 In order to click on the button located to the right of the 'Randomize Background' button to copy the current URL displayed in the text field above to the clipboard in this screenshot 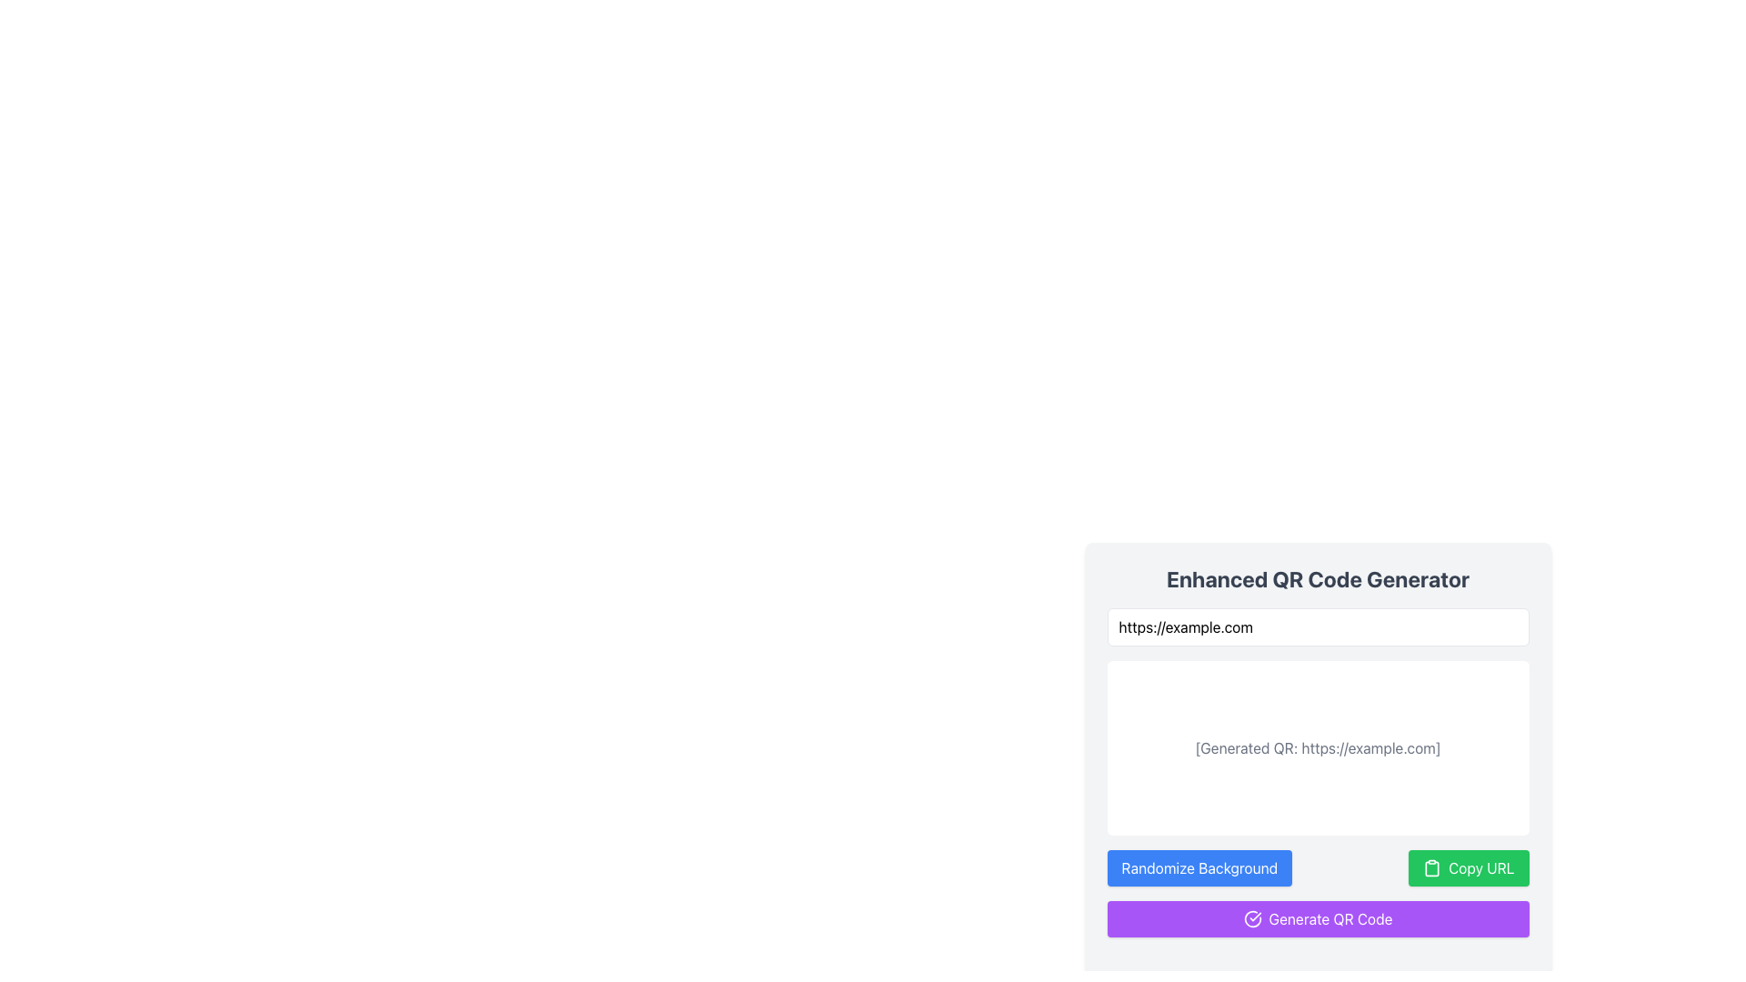, I will do `click(1469, 867)`.